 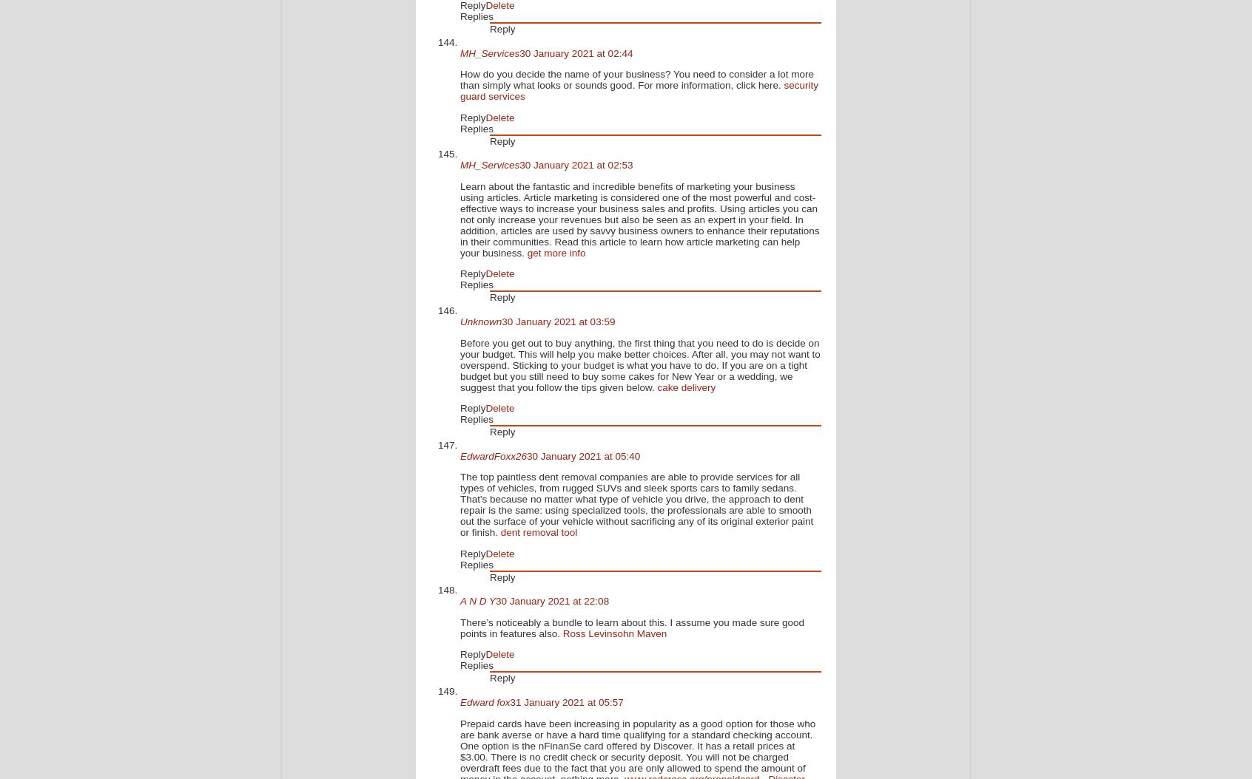 I want to click on 'Ross Levinsohn Maven', so click(x=562, y=633).